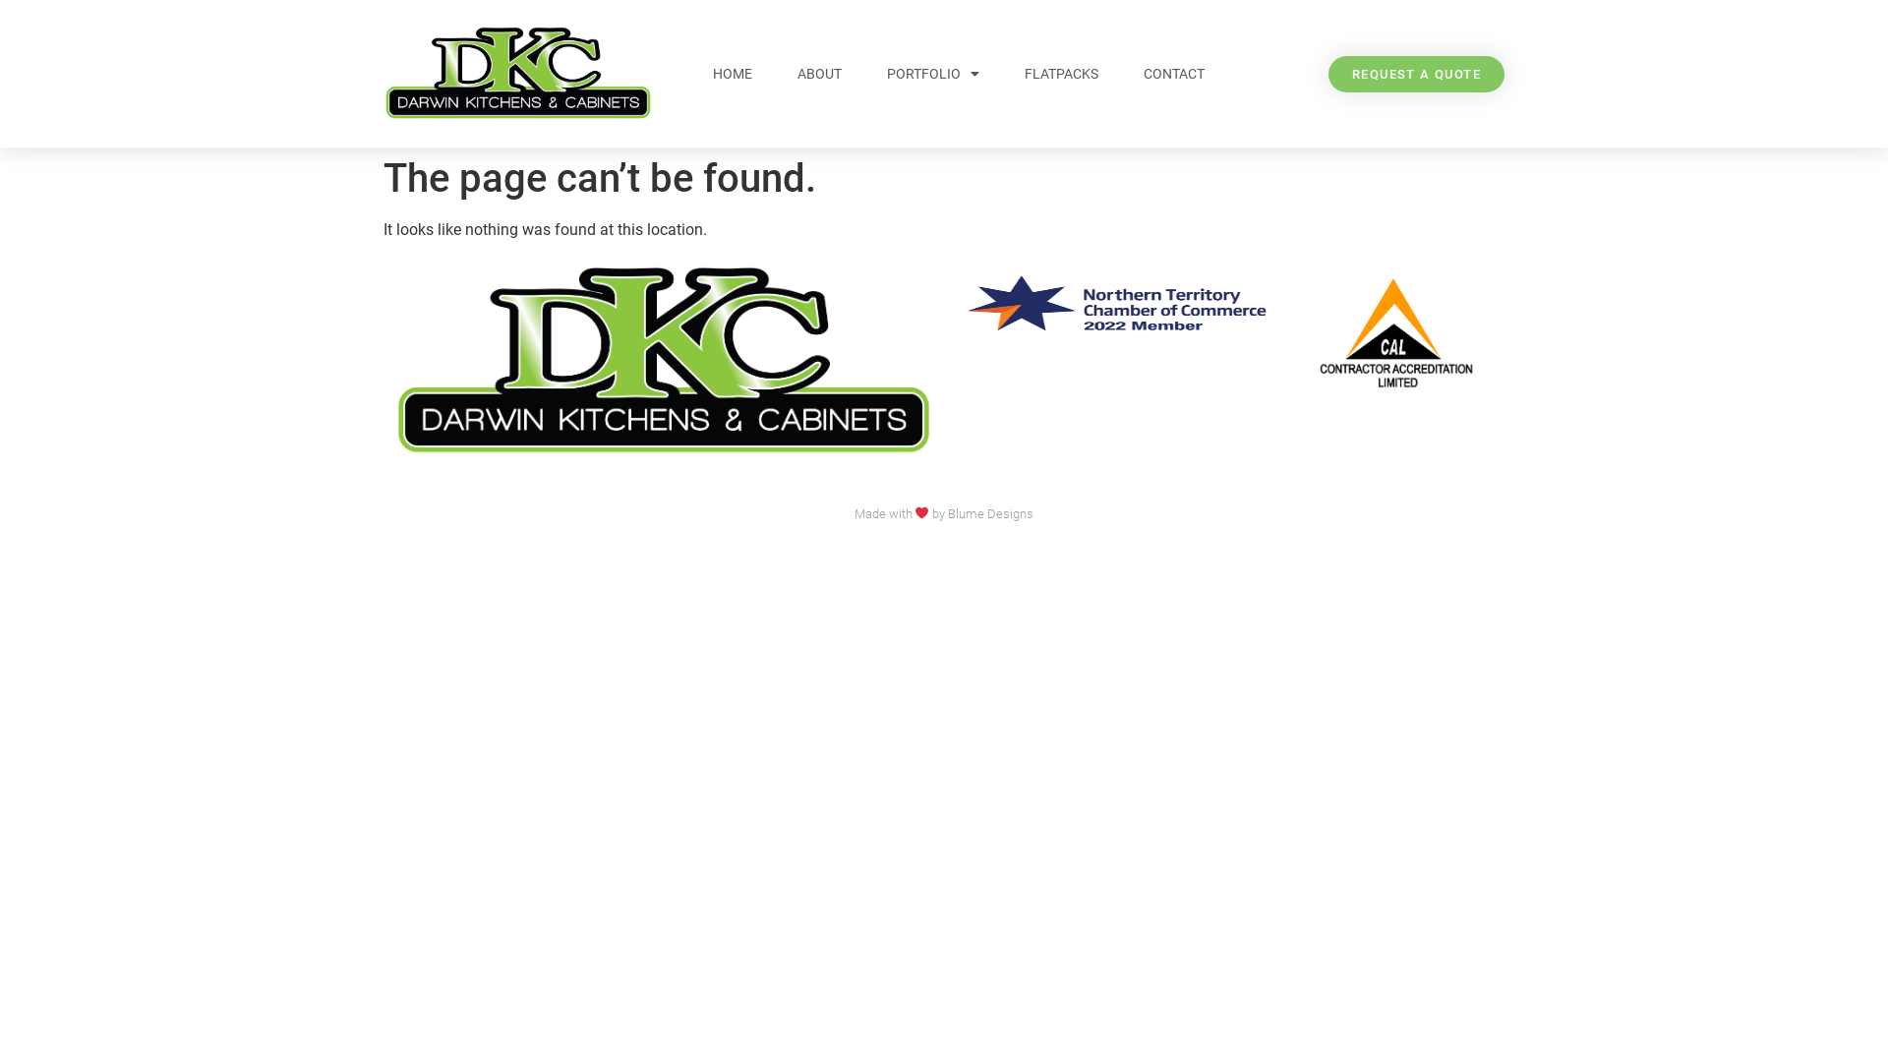  Describe the element at coordinates (944, 512) in the screenshot. I see `'Made with by Blume Designs'` at that location.